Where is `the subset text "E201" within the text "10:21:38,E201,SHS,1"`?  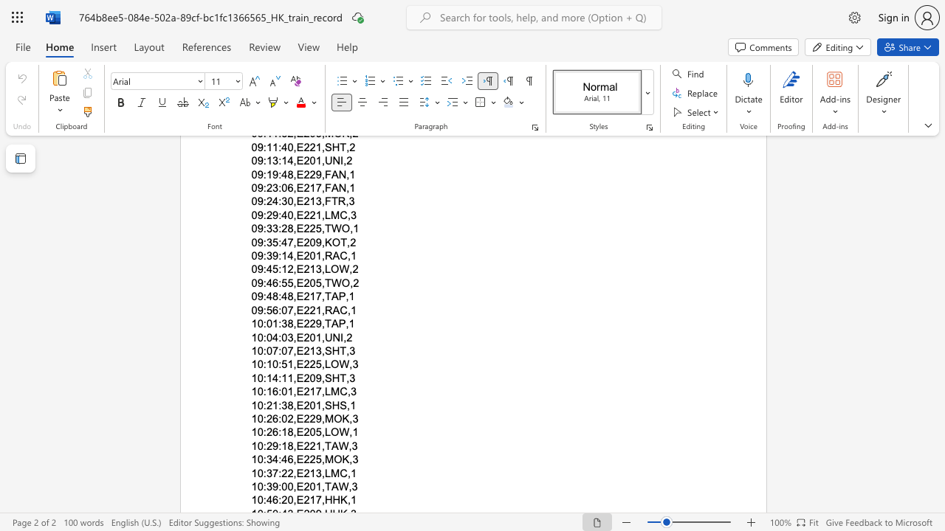
the subset text "E201" within the text "10:21:38,E201,SHS,1" is located at coordinates (295, 405).